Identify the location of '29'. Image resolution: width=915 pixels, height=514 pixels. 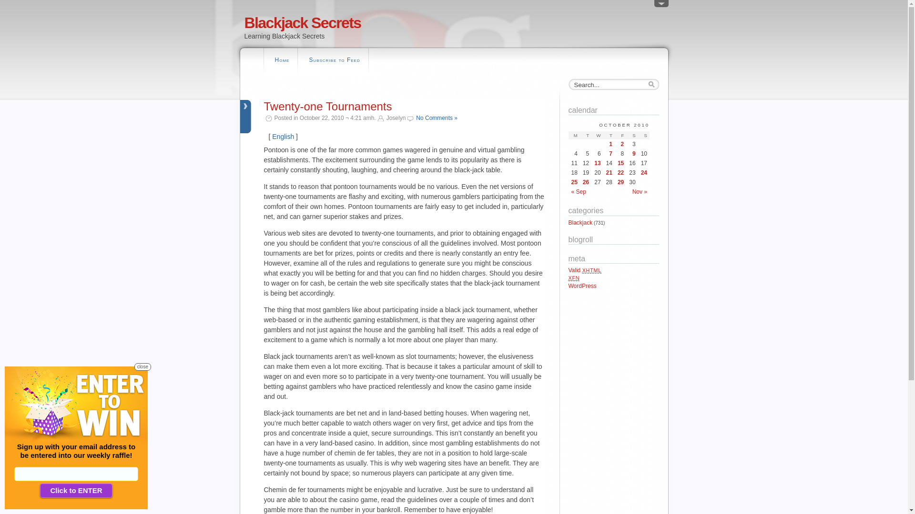
(620, 182).